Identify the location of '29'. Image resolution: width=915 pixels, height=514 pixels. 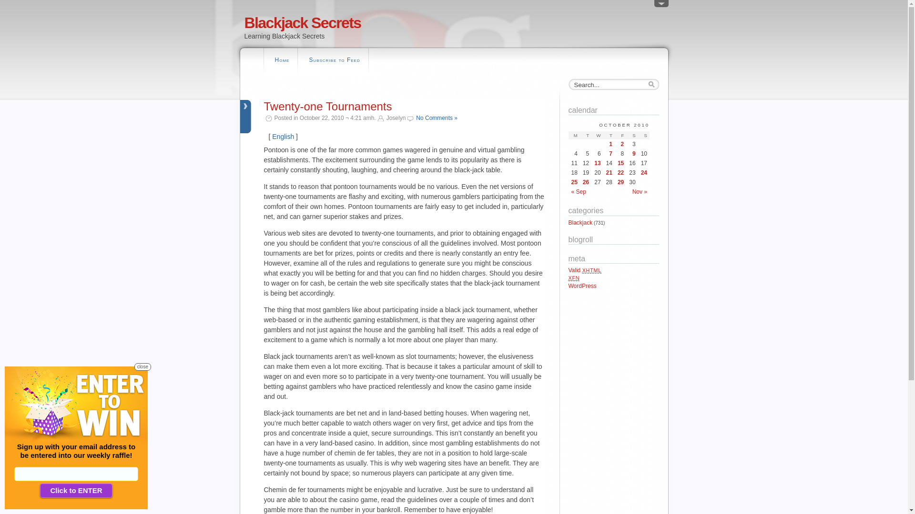
(620, 182).